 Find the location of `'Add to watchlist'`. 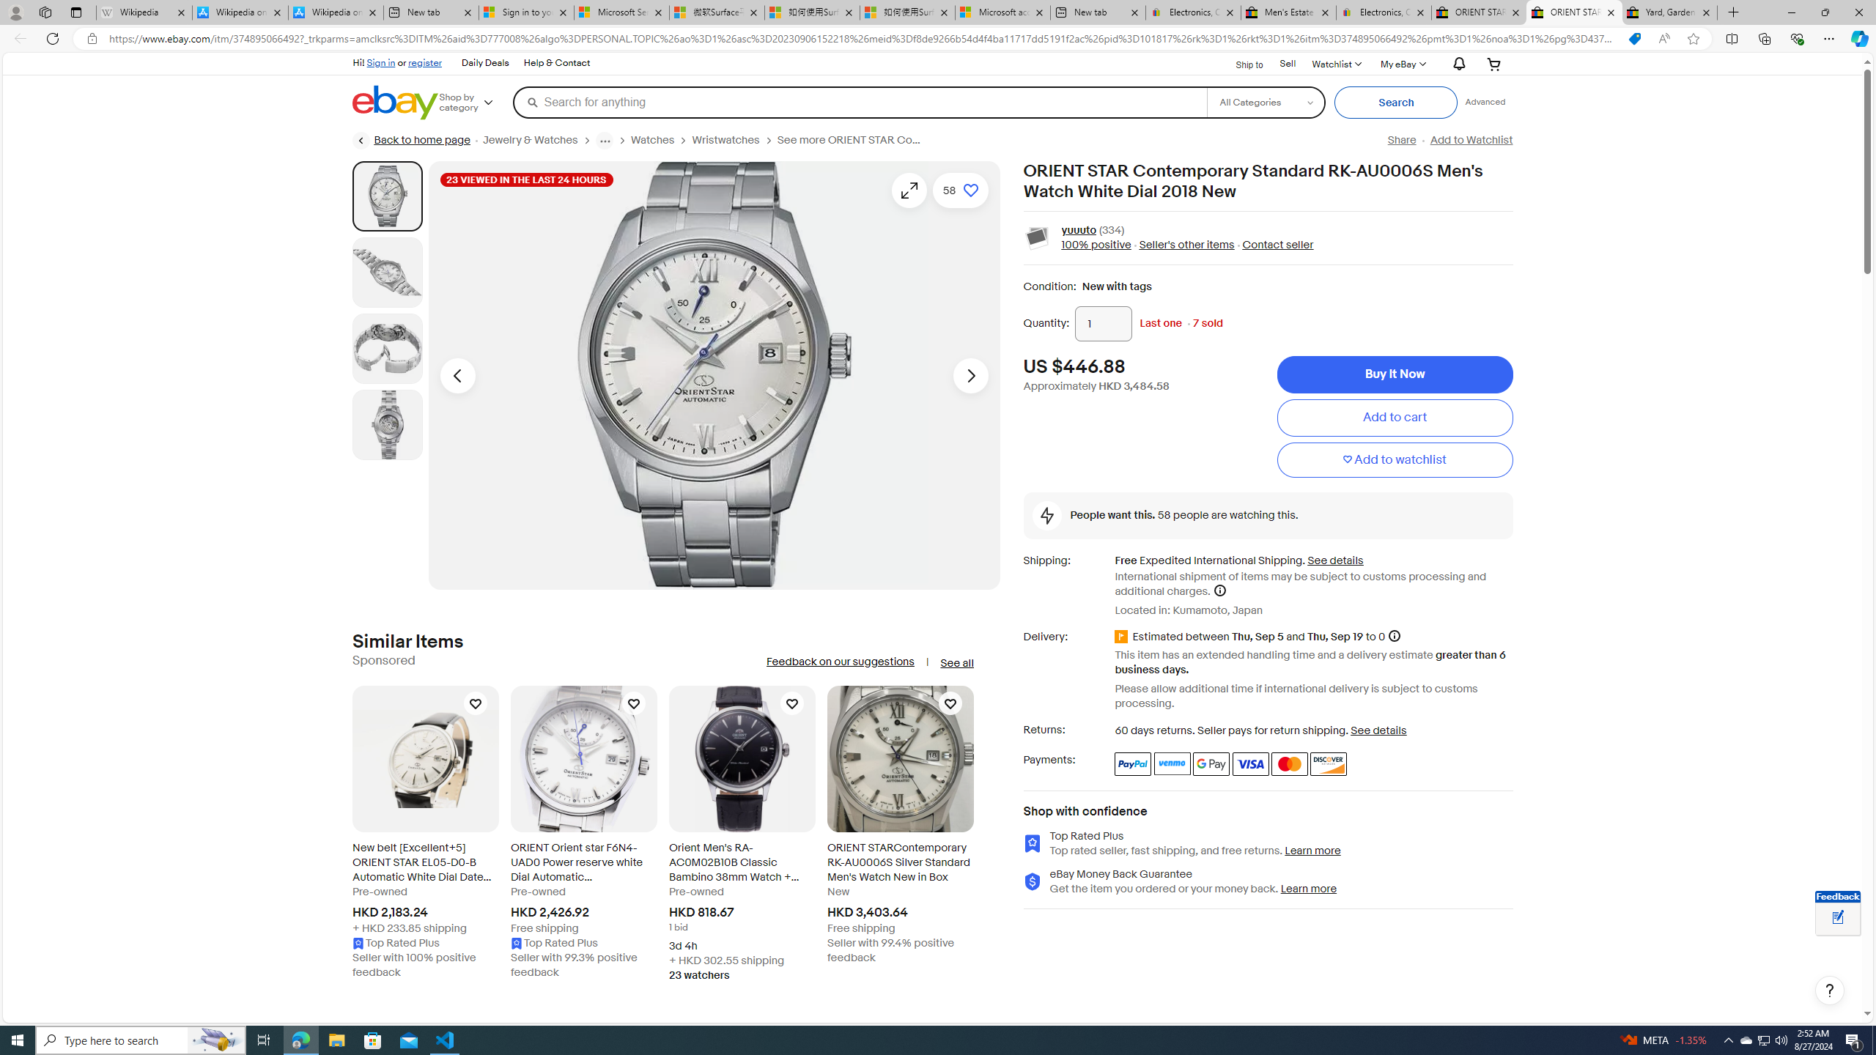

'Add to watchlist' is located at coordinates (1395, 459).